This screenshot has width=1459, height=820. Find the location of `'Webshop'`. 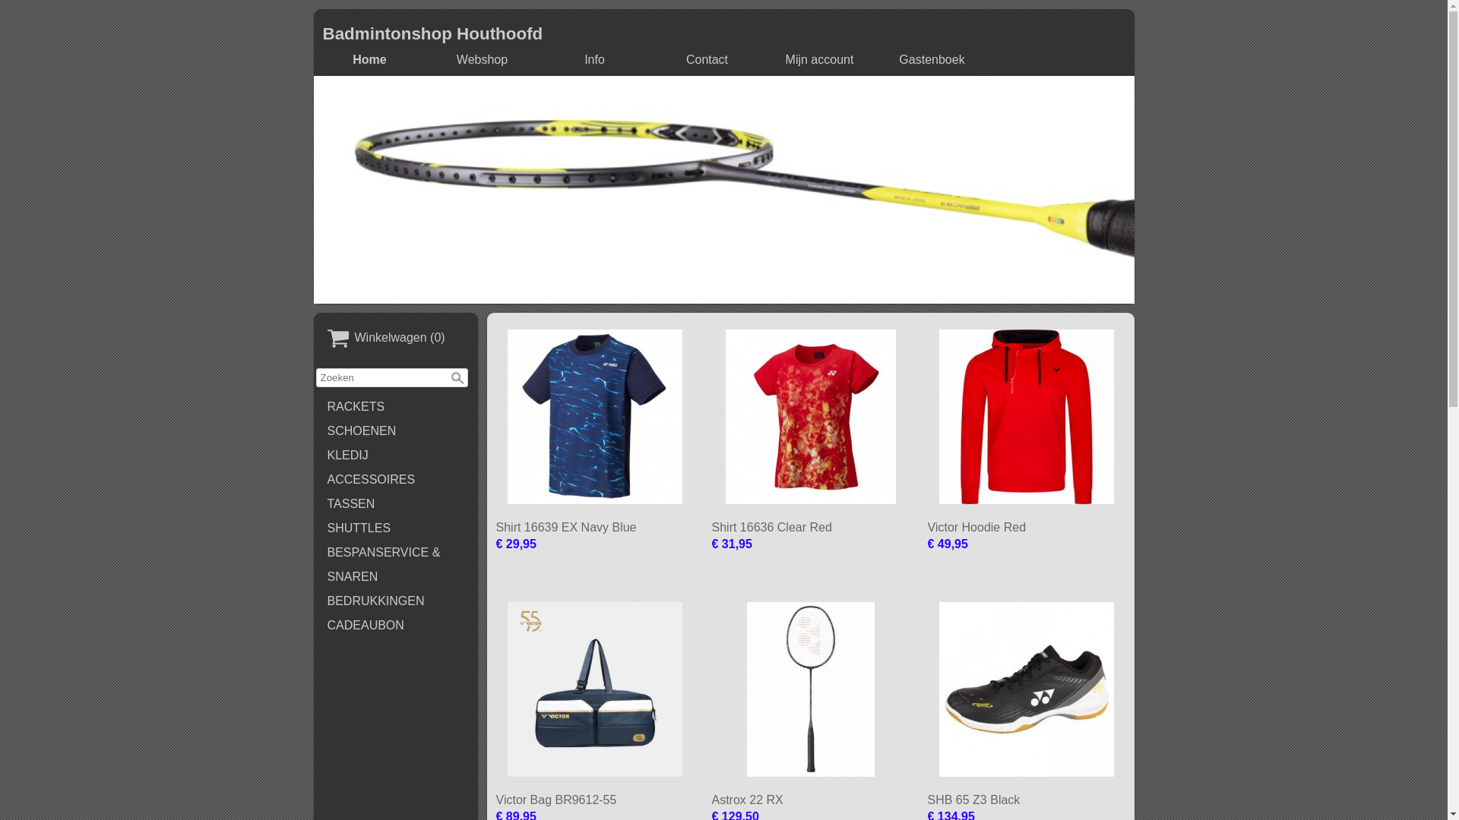

'Webshop' is located at coordinates (481, 58).